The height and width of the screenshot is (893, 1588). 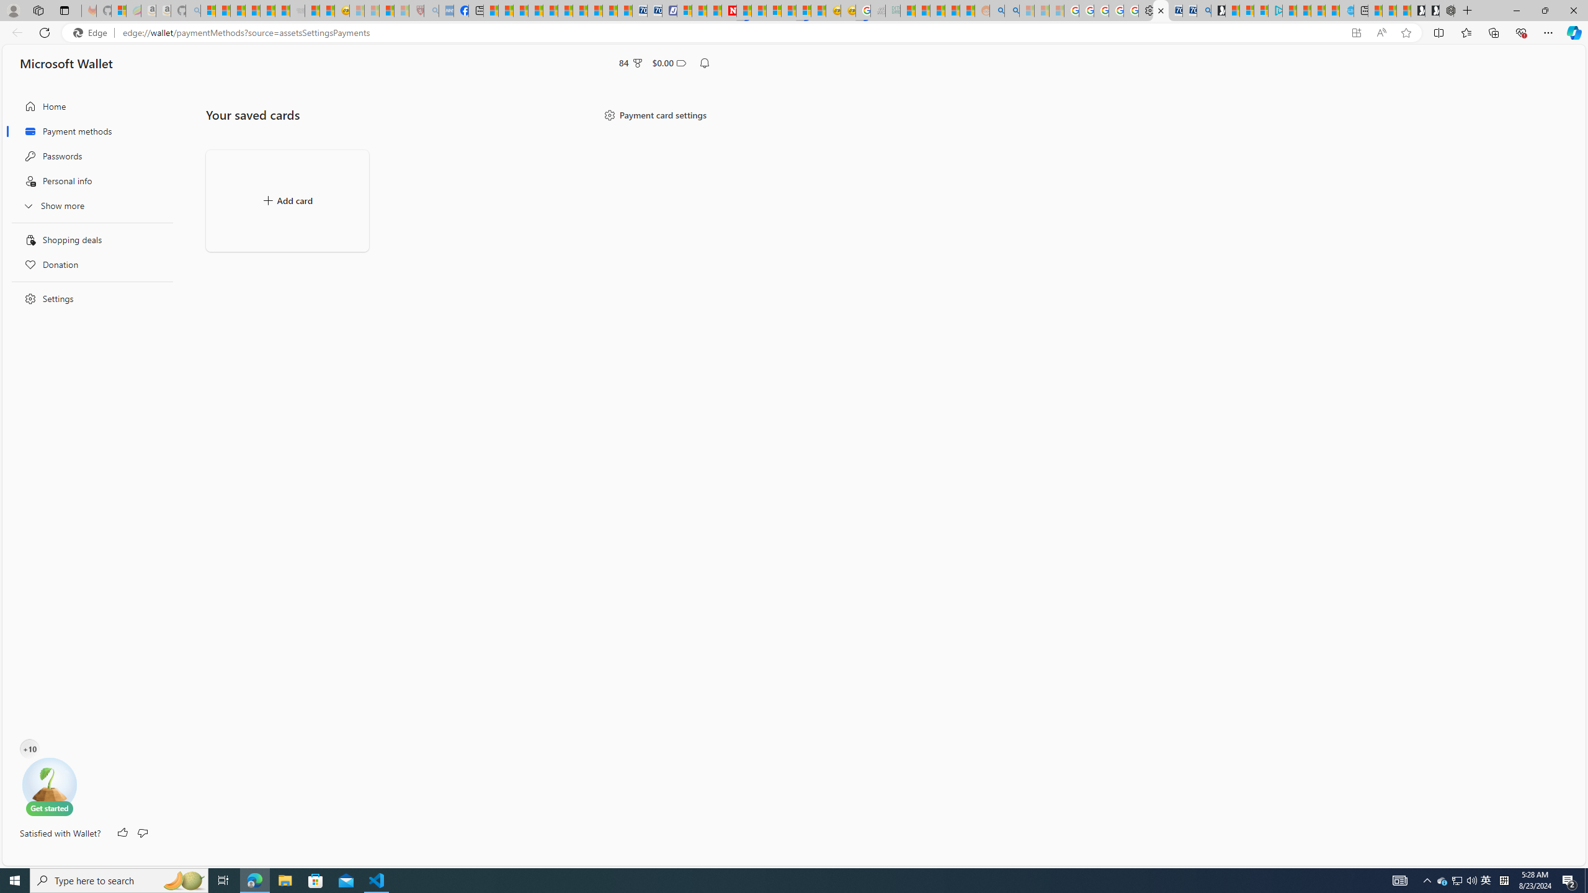 I want to click on 'Class: ___1lmltc5 f1agt3bx f12qytpq', so click(x=680, y=63).